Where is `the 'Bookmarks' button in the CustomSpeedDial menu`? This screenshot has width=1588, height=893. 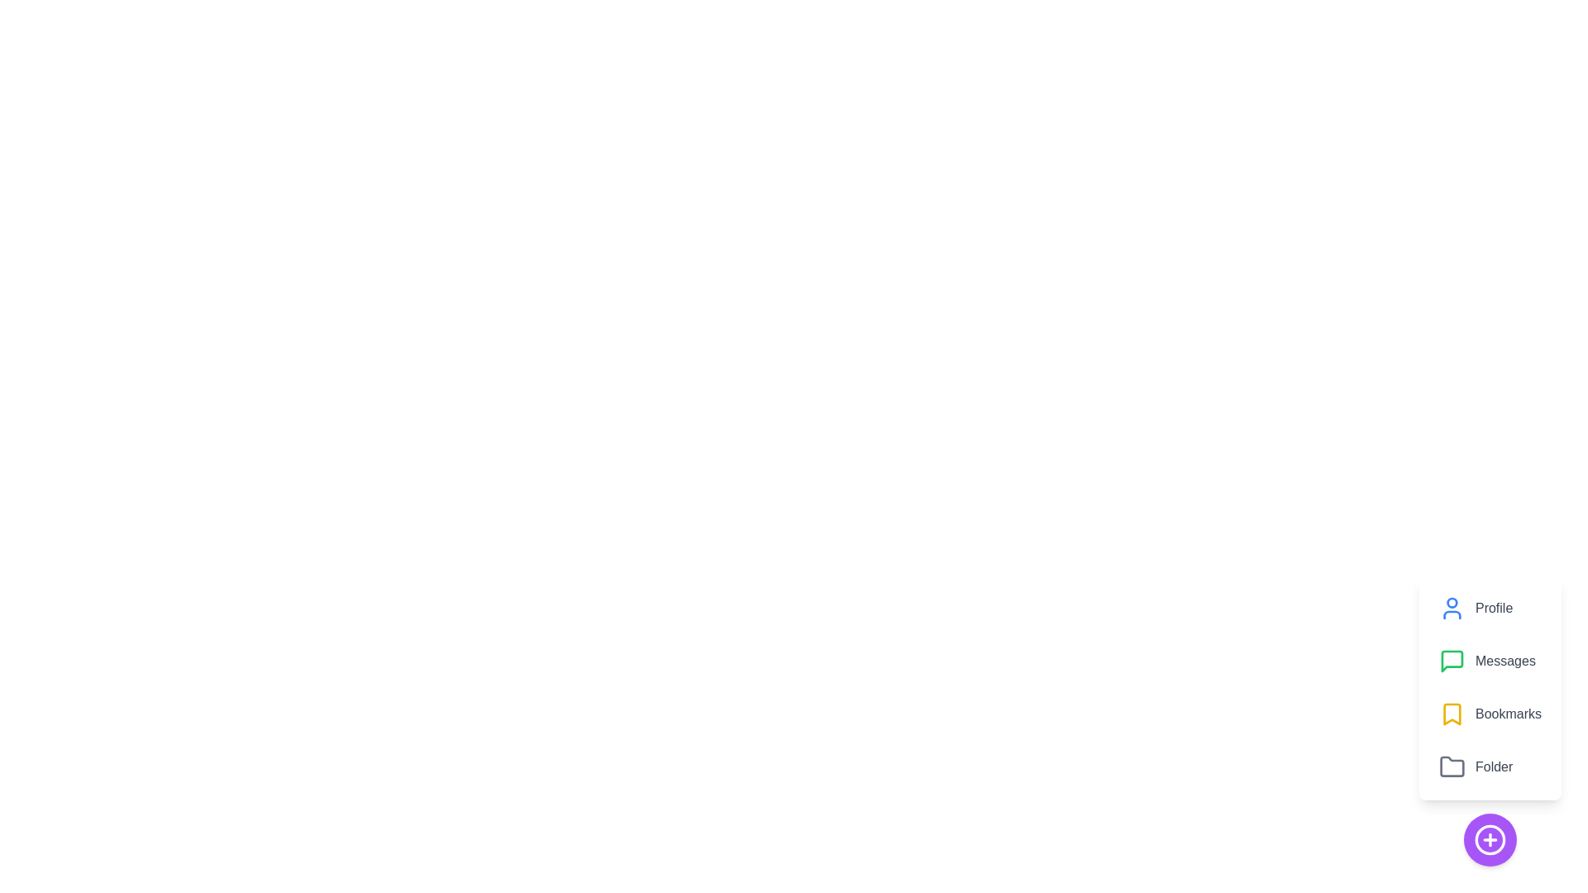
the 'Bookmarks' button in the CustomSpeedDial menu is located at coordinates (1490, 714).